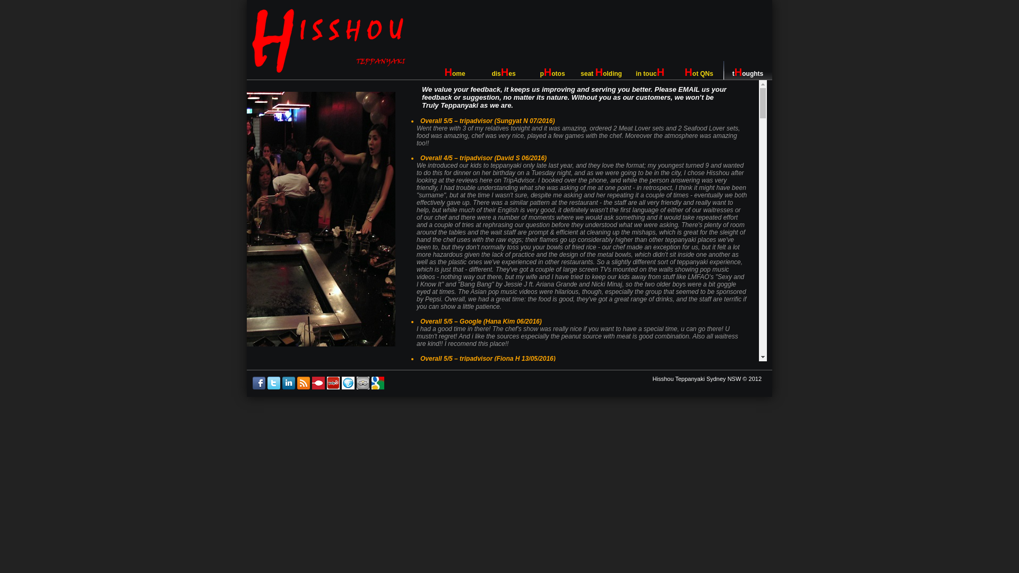 This screenshot has width=1019, height=573. Describe the element at coordinates (274, 387) in the screenshot. I see `'twitter'` at that location.